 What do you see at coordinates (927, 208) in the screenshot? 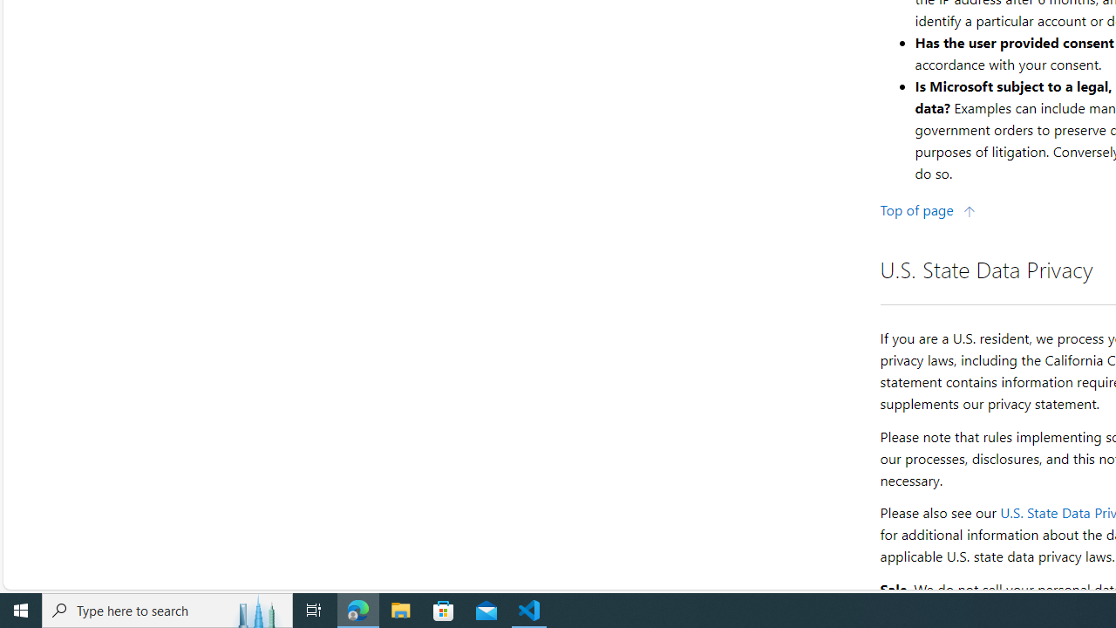
I see `'Top of page'` at bounding box center [927, 208].